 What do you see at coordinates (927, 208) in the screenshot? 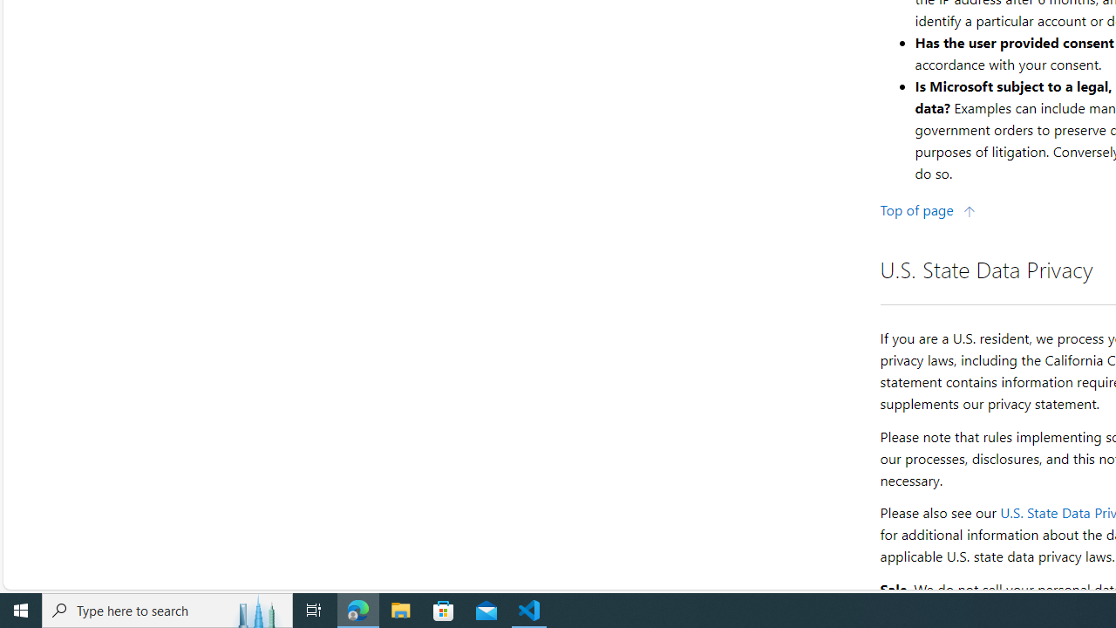
I see `'Top of page'` at bounding box center [927, 208].